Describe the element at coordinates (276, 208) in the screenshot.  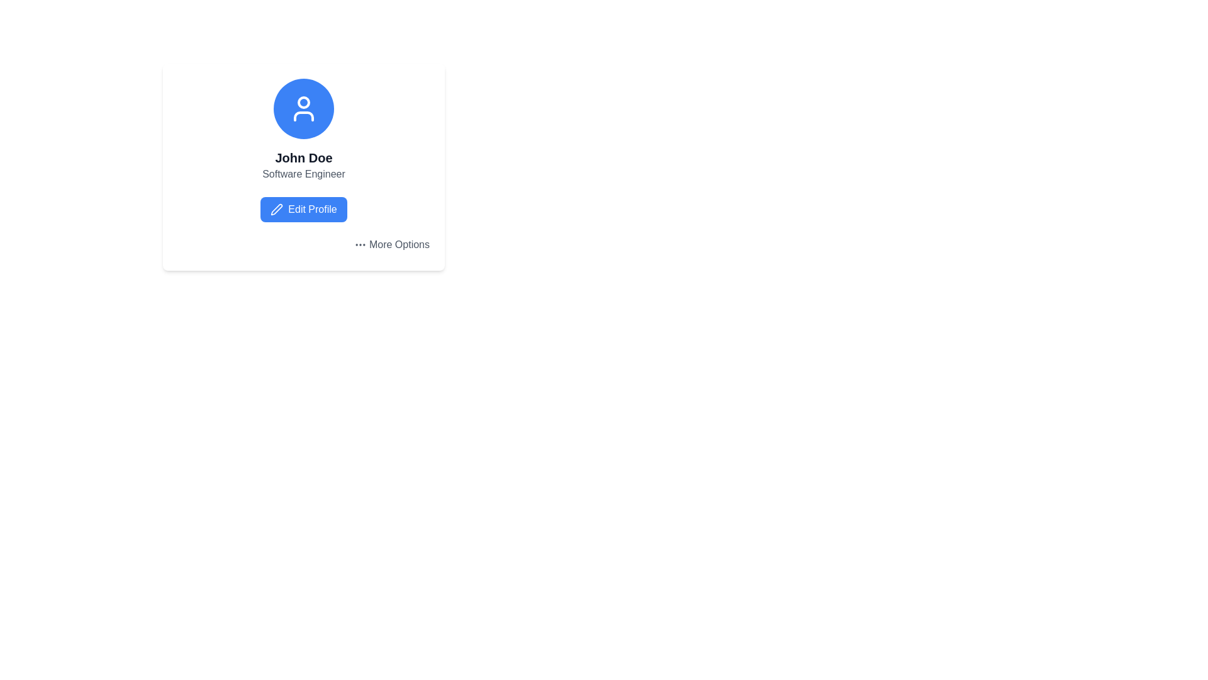
I see `the blue pen icon located to the left of the 'Edit Profile' button within the profile card interface` at that location.